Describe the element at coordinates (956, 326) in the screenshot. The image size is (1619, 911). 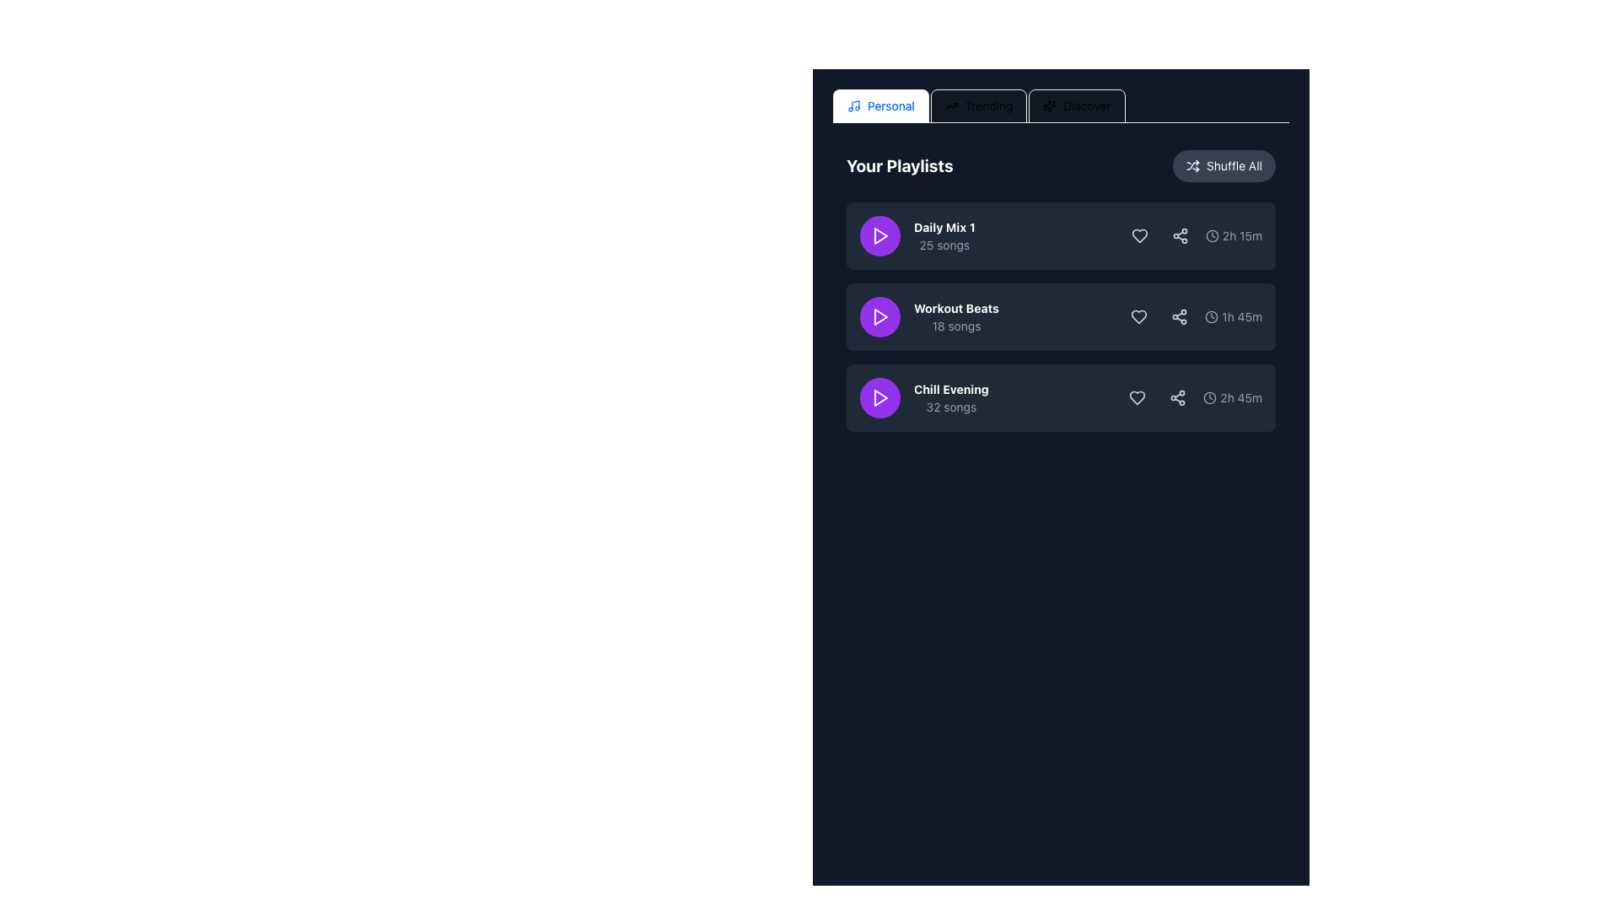
I see `the text label displaying '18 songs' in a small-sized gray font, located below the 'Workout Beats' title in the 'Your Playlists' section` at that location.